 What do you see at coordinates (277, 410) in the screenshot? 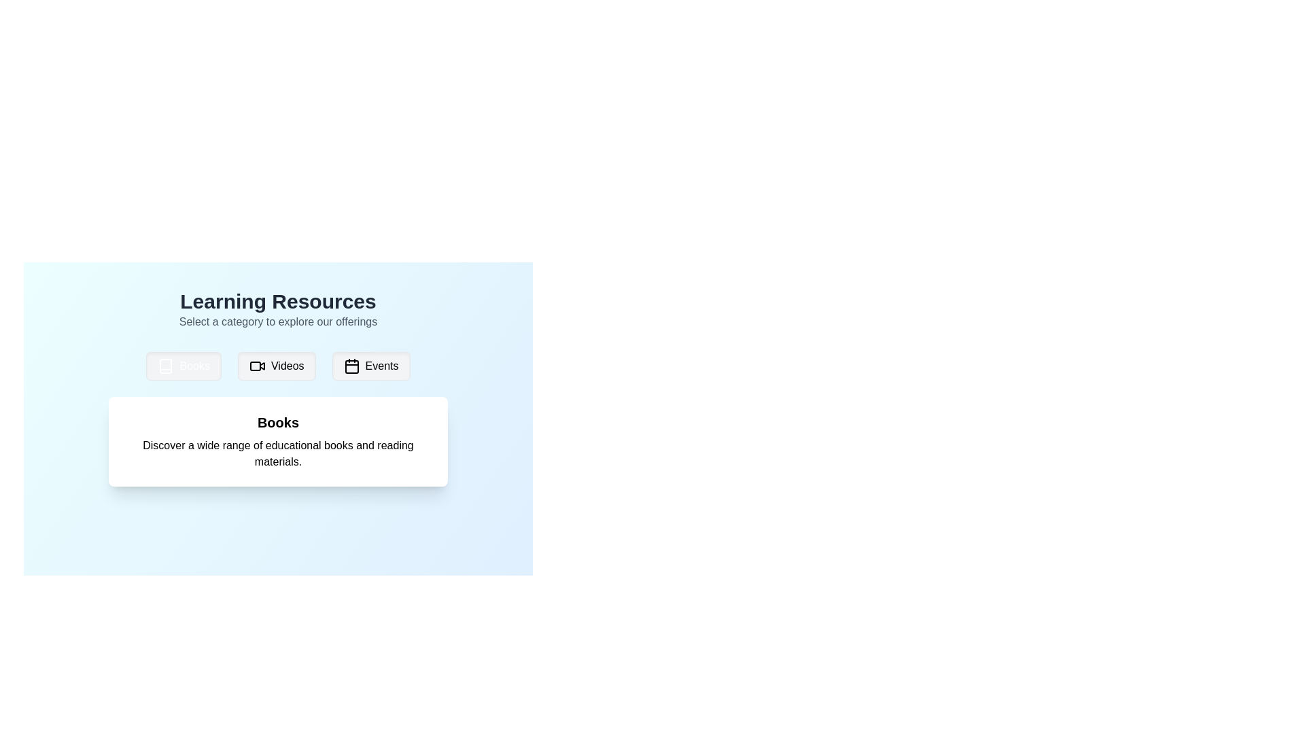
I see `the white rectangular Text card containing the bold 'Books' title and a description of educational books, located in the middle-lower portion of the 'Learning Resources' area` at bounding box center [277, 410].